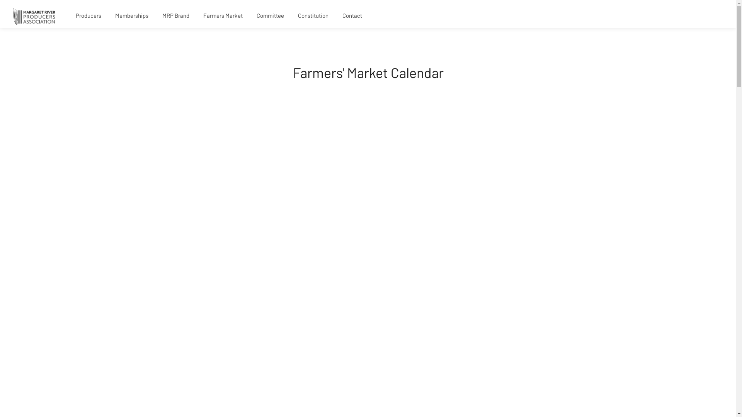  I want to click on 'Producers', so click(88, 16).